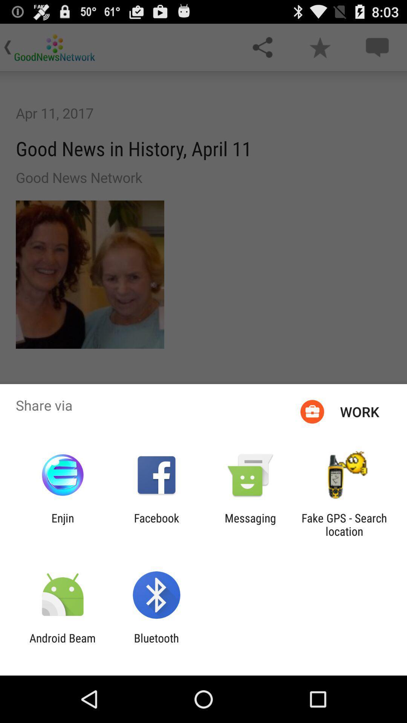 Image resolution: width=407 pixels, height=723 pixels. I want to click on item next to the bluetooth, so click(62, 644).